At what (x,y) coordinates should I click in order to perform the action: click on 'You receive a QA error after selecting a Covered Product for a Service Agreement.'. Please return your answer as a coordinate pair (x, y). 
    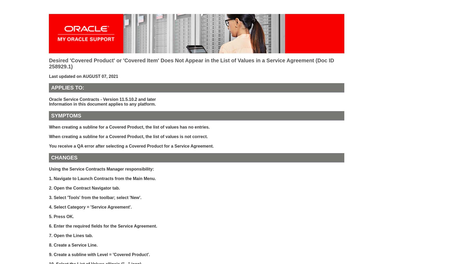
    Looking at the image, I should click on (131, 146).